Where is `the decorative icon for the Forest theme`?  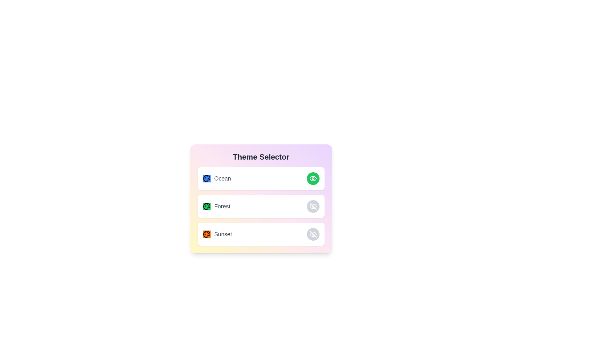 the decorative icon for the Forest theme is located at coordinates (206, 206).